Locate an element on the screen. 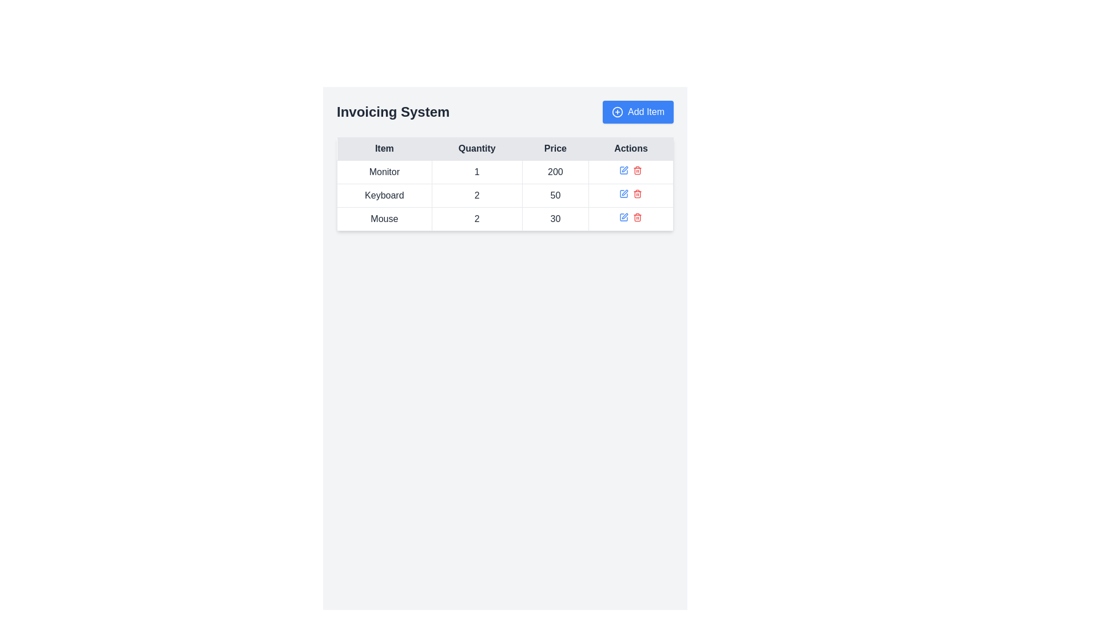 This screenshot has width=1098, height=618. the edit icon button located in the 'Actions' column of the second row of the table is located at coordinates (623, 193).